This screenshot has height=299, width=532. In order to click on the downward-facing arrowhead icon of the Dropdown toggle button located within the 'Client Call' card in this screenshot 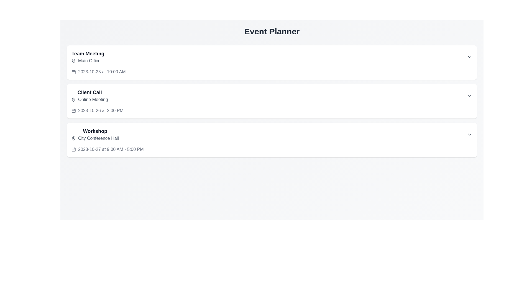, I will do `click(469, 96)`.